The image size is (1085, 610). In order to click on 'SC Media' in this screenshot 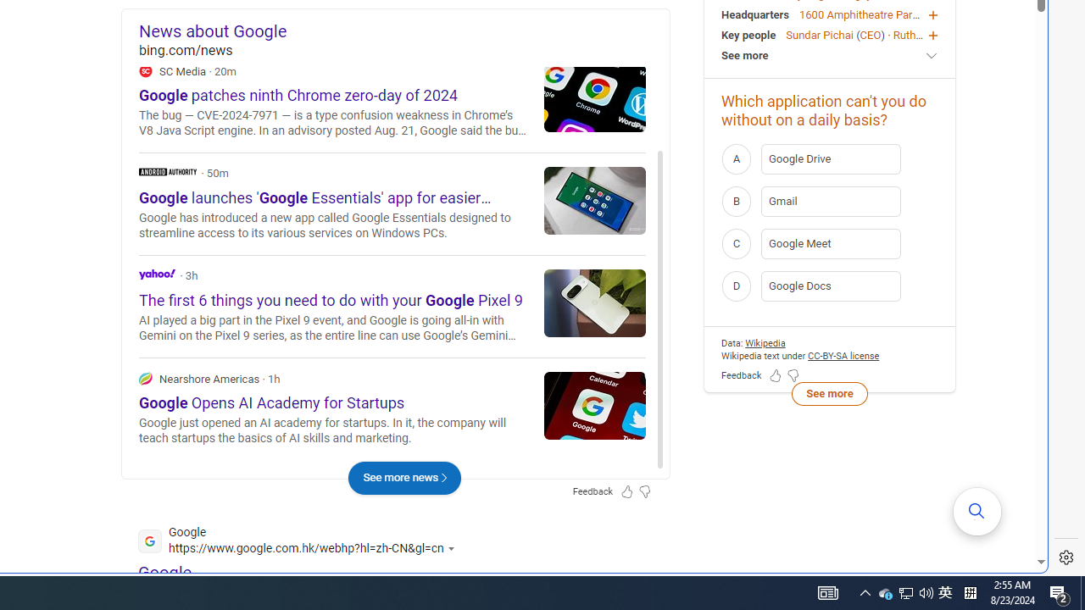, I will do `click(146, 69)`.